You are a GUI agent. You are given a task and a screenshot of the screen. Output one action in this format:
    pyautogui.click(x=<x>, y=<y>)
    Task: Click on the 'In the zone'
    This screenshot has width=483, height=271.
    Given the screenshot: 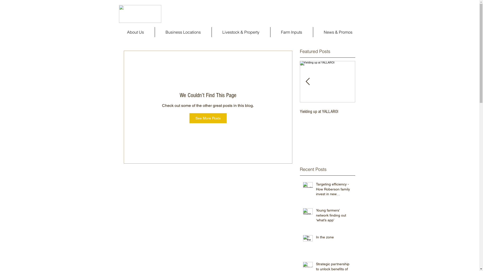 What is the action you would take?
    pyautogui.click(x=334, y=238)
    